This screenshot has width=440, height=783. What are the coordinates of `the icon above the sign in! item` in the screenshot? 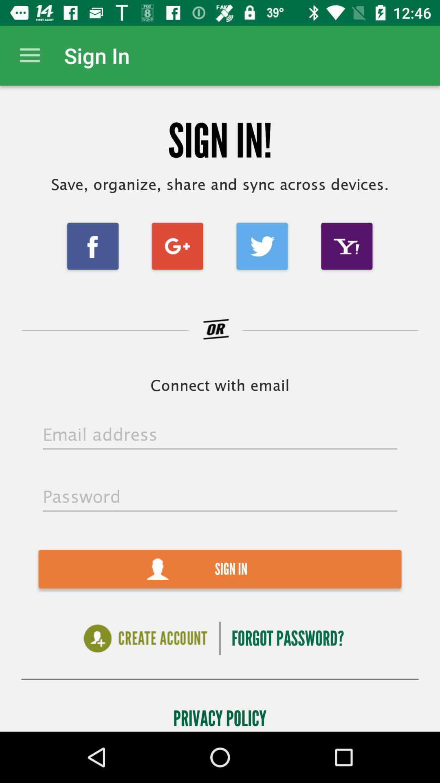 It's located at (29, 55).